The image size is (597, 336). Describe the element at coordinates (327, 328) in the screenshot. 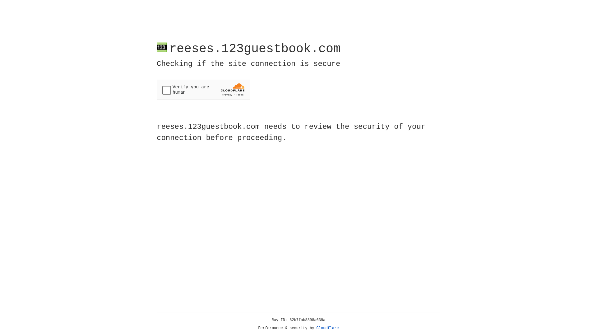

I see `'Cloudflare'` at that location.